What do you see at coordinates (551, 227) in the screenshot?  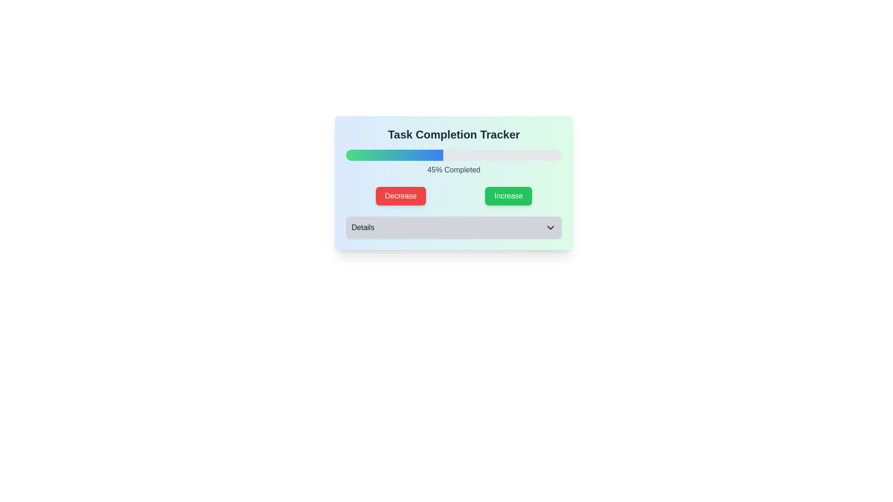 I see `the downward-facing chevron icon button located on the right-hand side of the 'Details' bar` at bounding box center [551, 227].